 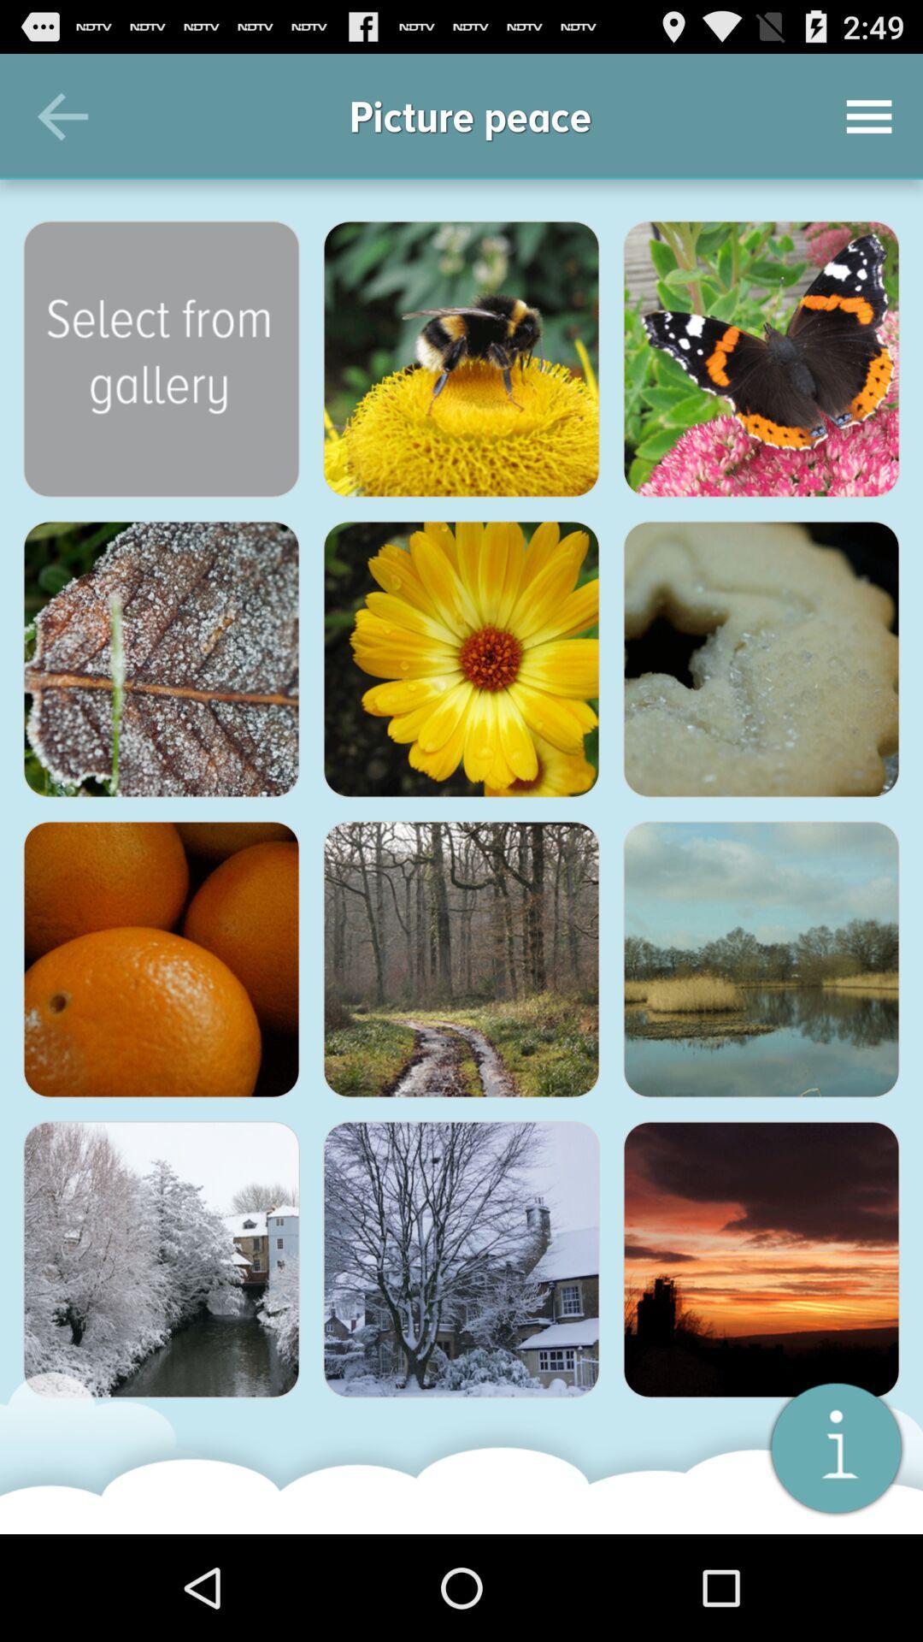 I want to click on share the article, so click(x=761, y=358).